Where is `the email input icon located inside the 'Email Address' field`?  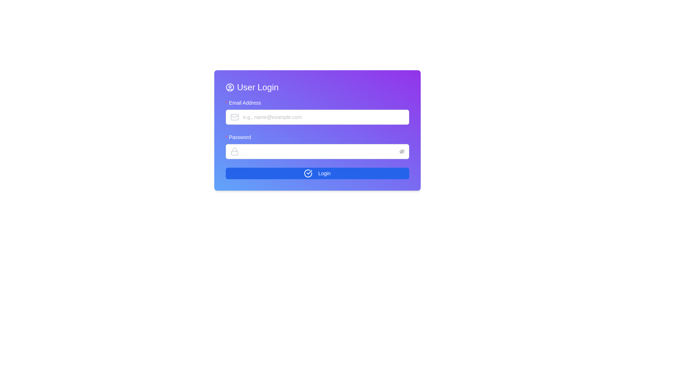 the email input icon located inside the 'Email Address' field is located at coordinates (234, 117).